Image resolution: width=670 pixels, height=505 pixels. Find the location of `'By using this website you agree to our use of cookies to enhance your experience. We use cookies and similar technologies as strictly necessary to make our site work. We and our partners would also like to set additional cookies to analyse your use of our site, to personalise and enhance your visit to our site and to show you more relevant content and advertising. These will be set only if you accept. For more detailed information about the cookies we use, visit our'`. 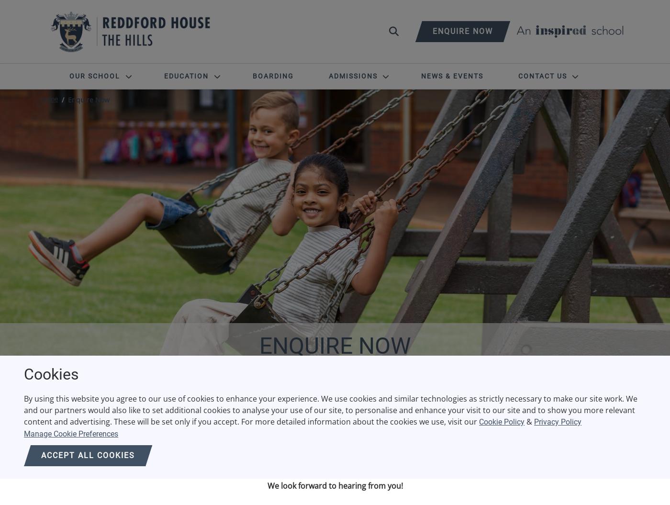

'By using this website you agree to our use of cookies to enhance your experience. We use cookies and similar technologies as strictly necessary to make our site work. We and our partners would also like to set additional cookies to analyse your use of our site, to personalise and enhance your visit to our site and to show you more relevant content and advertising. These will be set only if you accept. For more detailed information about the cookies we use, visit our' is located at coordinates (23, 410).